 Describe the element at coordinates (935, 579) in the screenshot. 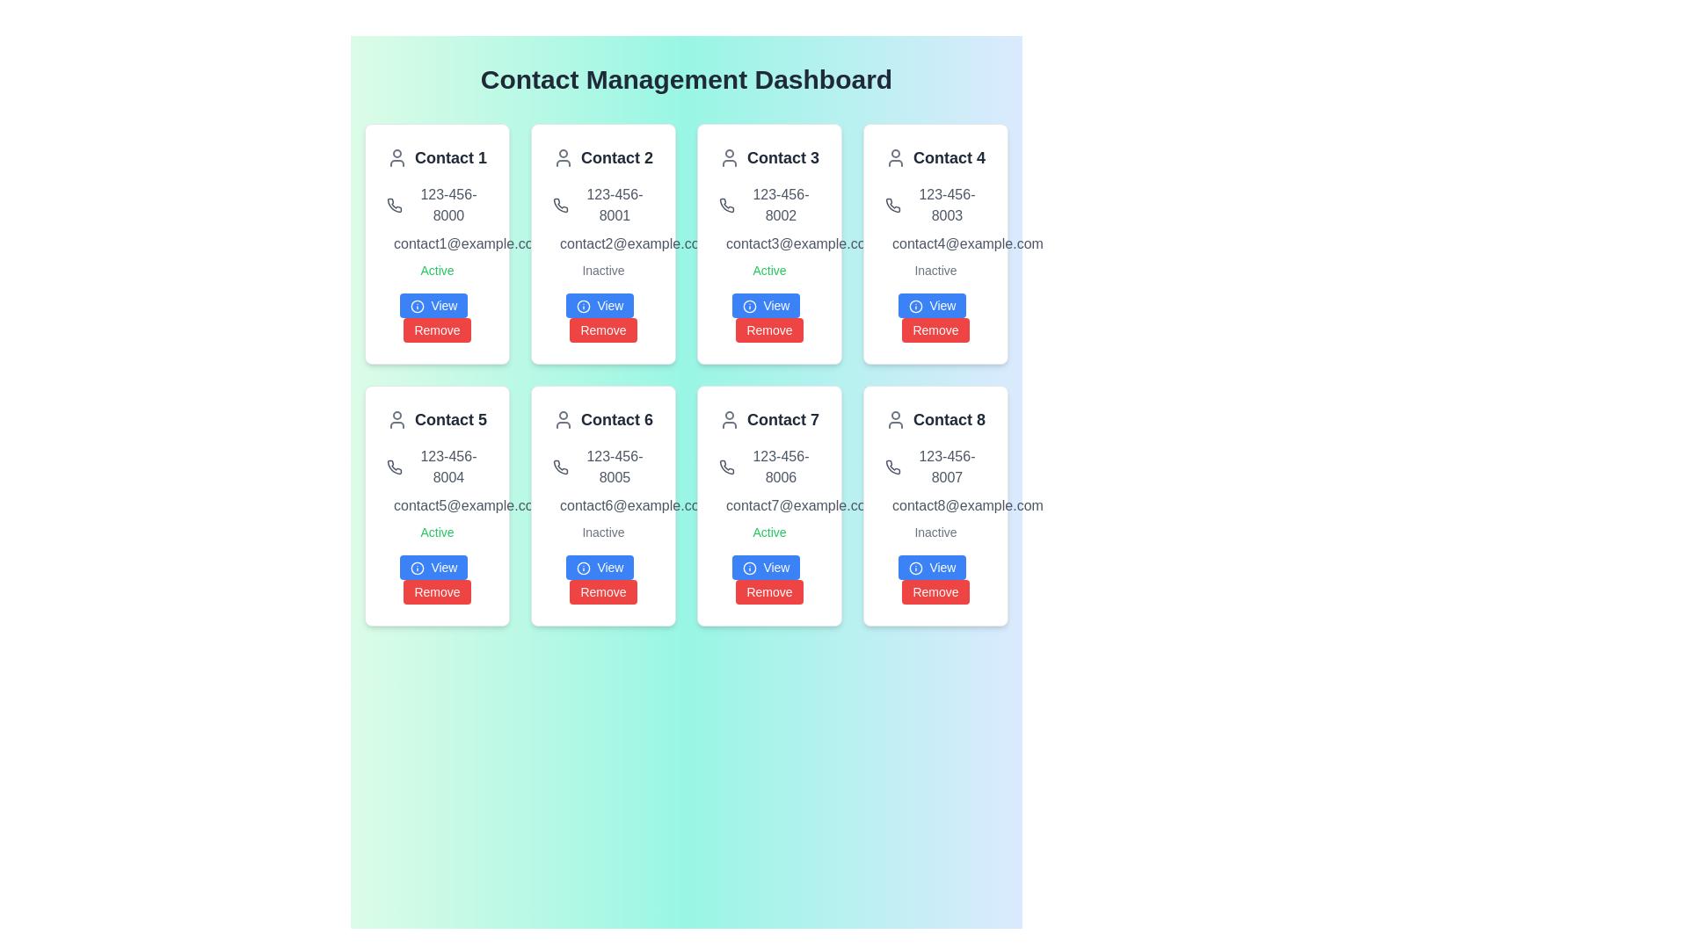

I see `the 'Remove' button in the Interactive button group located in the 'Contact 8' card, which is positioned below the 'Inactive' status text` at that location.